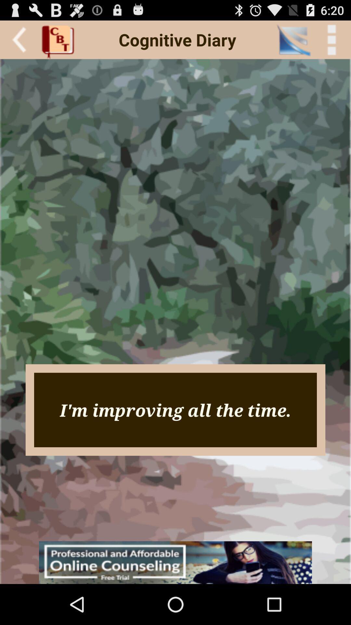  Describe the element at coordinates (175, 562) in the screenshot. I see `icon below the i m improving` at that location.